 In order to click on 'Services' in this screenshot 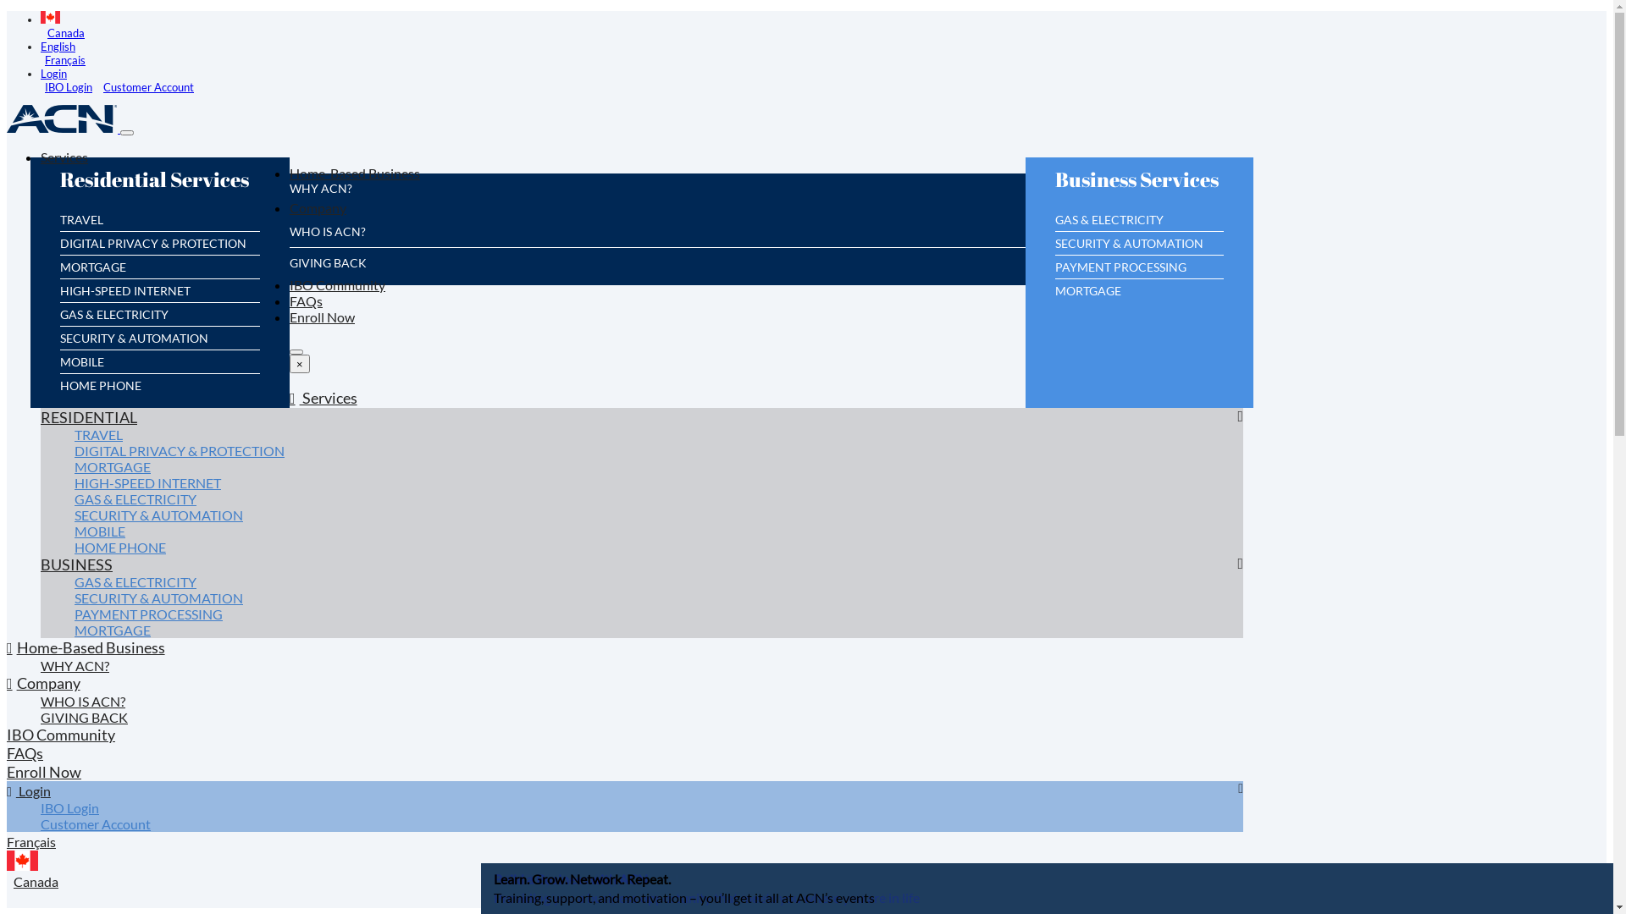, I will do `click(64, 162)`.